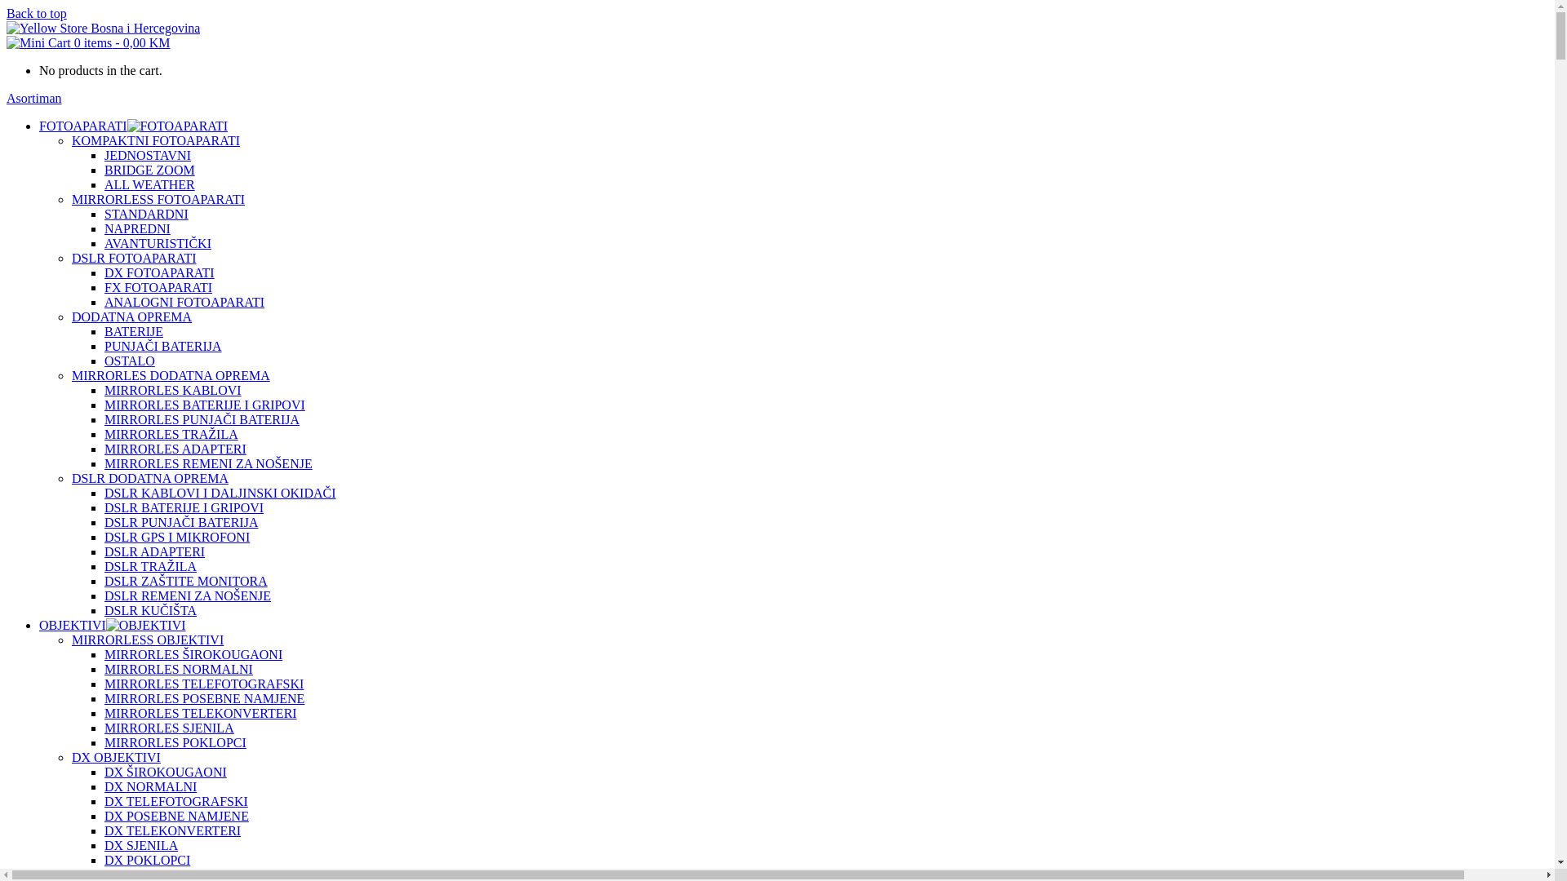  I want to click on 'DX TELEKONVERTERI', so click(172, 830).